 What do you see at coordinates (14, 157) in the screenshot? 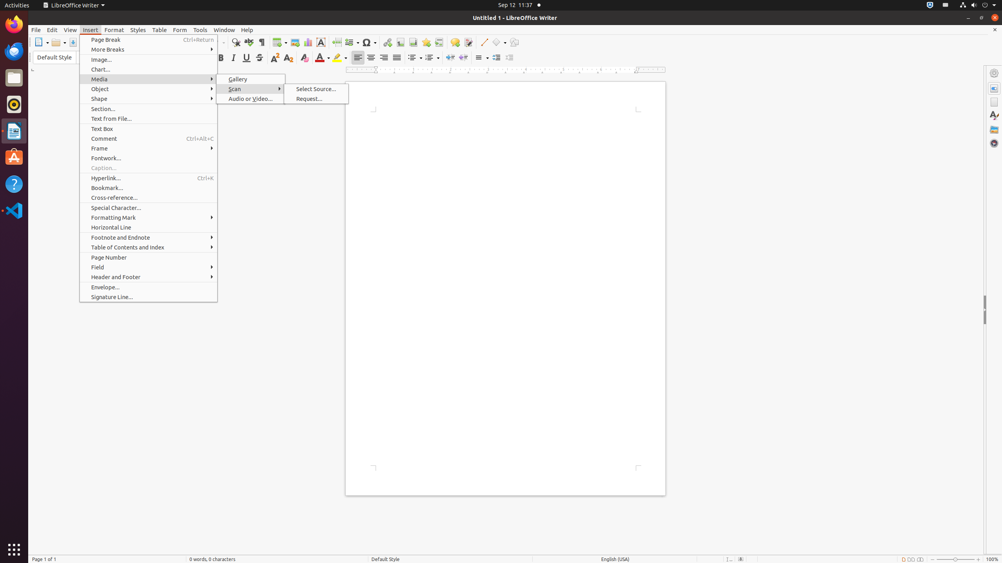
I see `'Ubuntu Software'` at bounding box center [14, 157].